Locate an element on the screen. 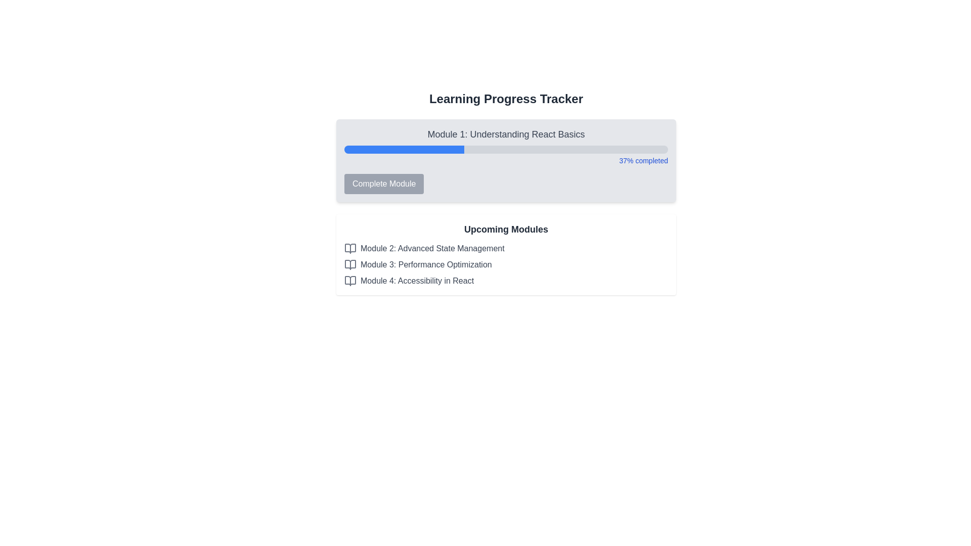  the button with a blue background and white text labeled 'Complete Module', which is located below the progress bar for 'Module 1: Understanding React Basics' is located at coordinates (383, 184).